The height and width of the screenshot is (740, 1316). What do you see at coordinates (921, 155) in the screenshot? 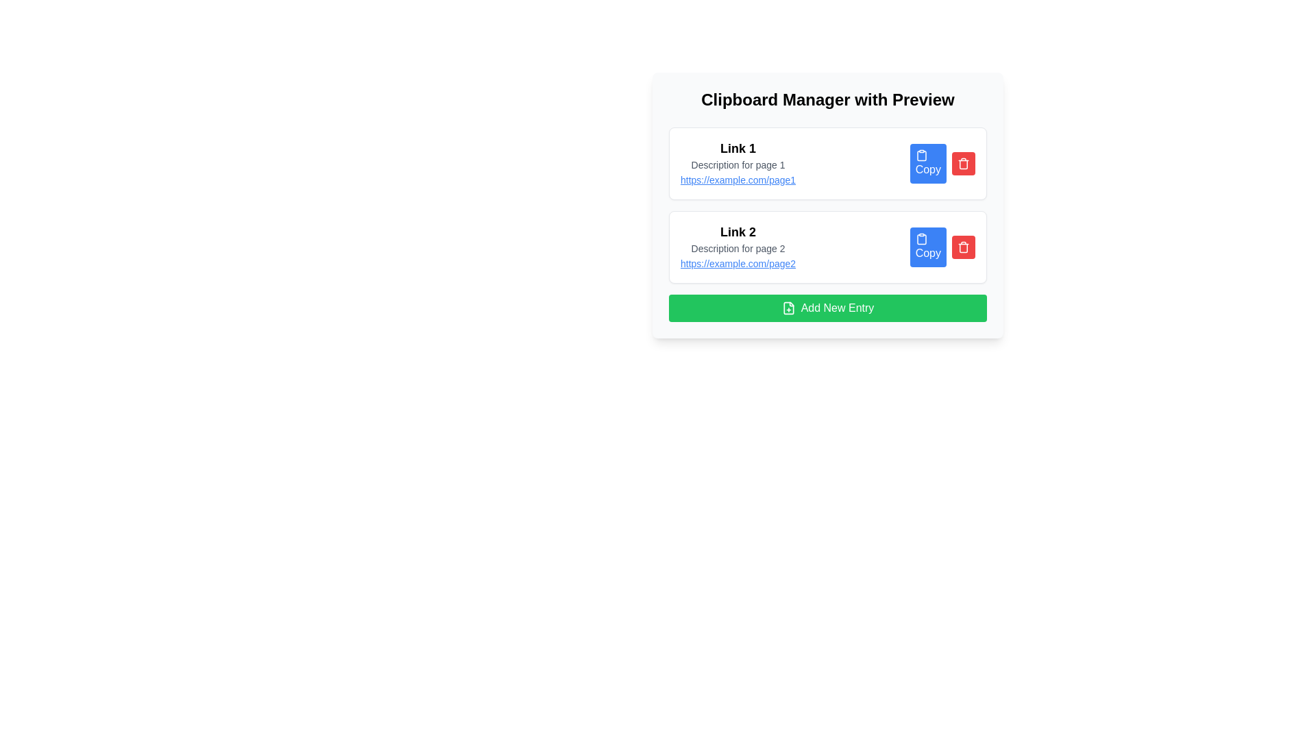
I see `the clipboard icon within the first blue 'Copy' button on the right of the top entry in the list, situated under the header` at bounding box center [921, 155].